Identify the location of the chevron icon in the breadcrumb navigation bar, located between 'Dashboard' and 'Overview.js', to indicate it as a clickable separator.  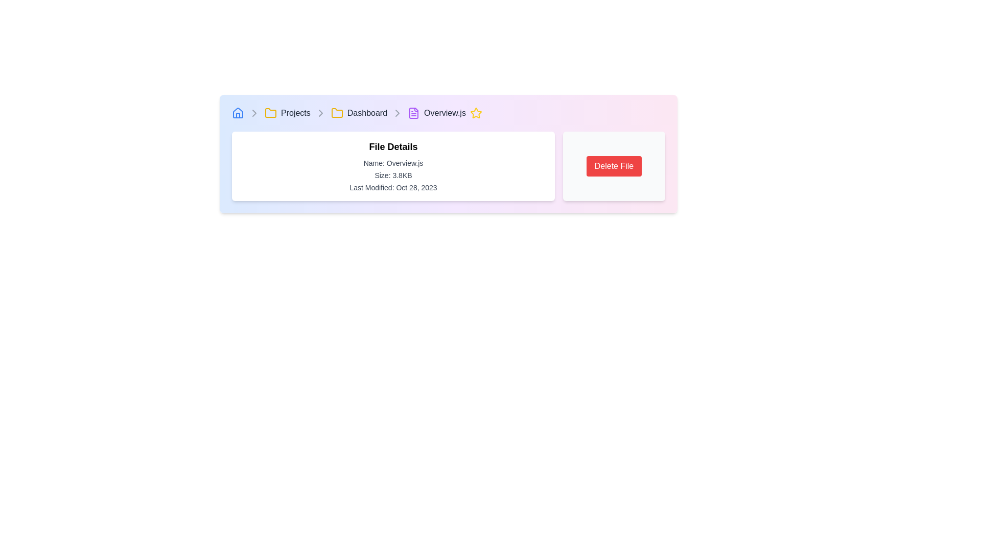
(254, 113).